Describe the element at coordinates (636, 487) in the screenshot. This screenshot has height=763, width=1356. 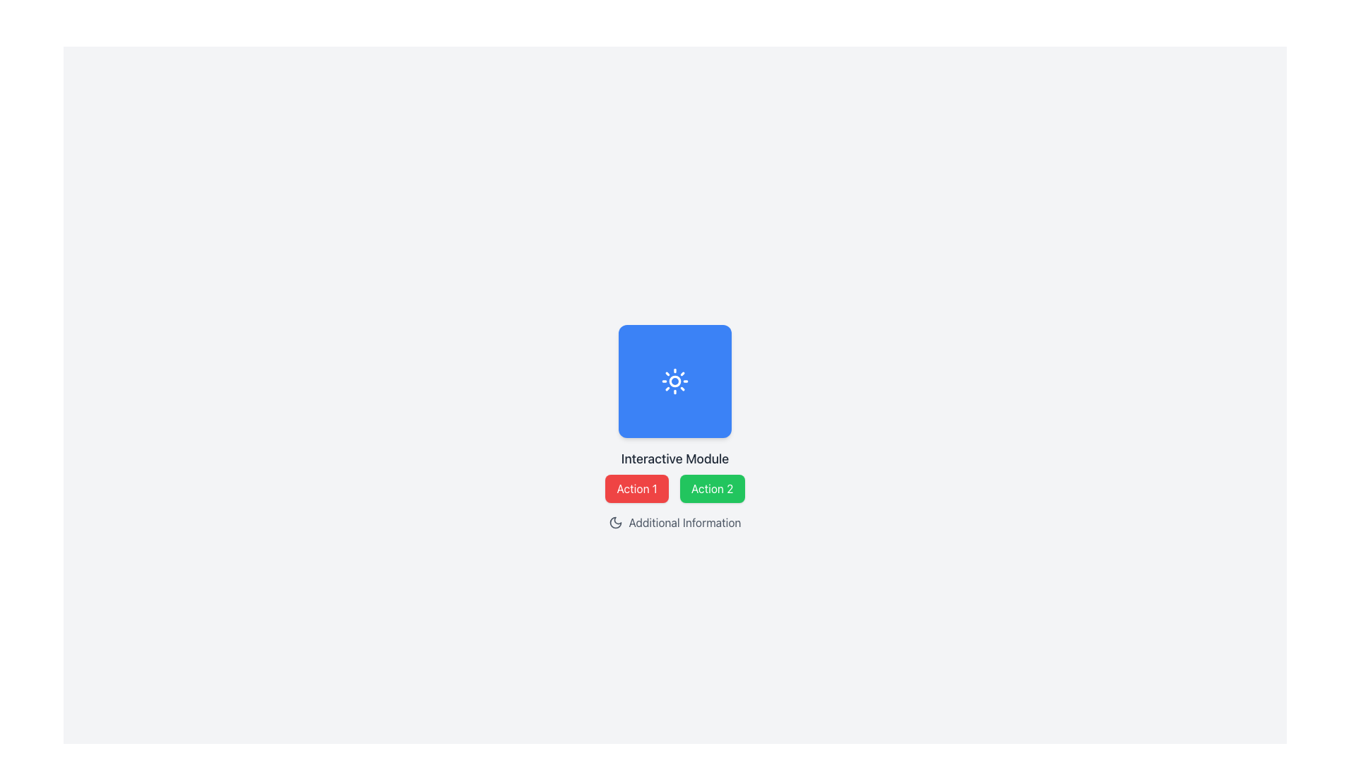
I see `the red button labeled 'Action 1'` at that location.